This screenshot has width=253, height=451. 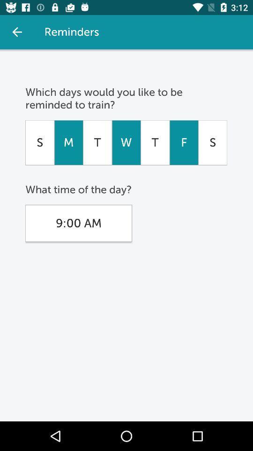 What do you see at coordinates (78, 223) in the screenshot?
I see `the 9:00 am item` at bounding box center [78, 223].